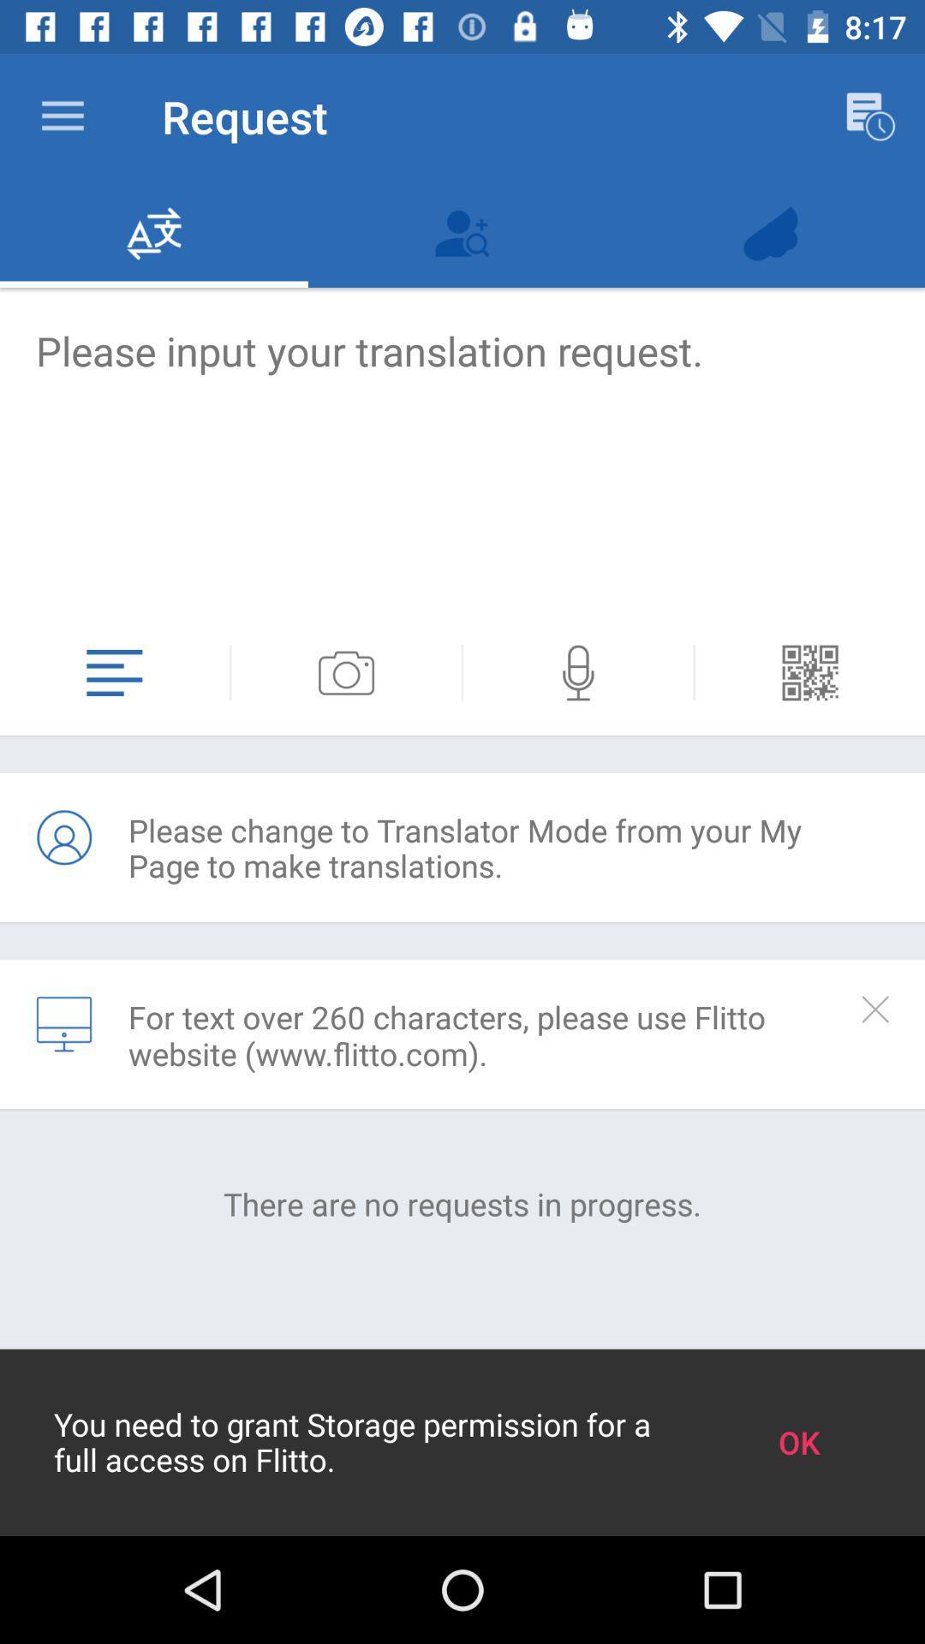 Image resolution: width=925 pixels, height=1644 pixels. I want to click on the app below please input your, so click(230, 672).